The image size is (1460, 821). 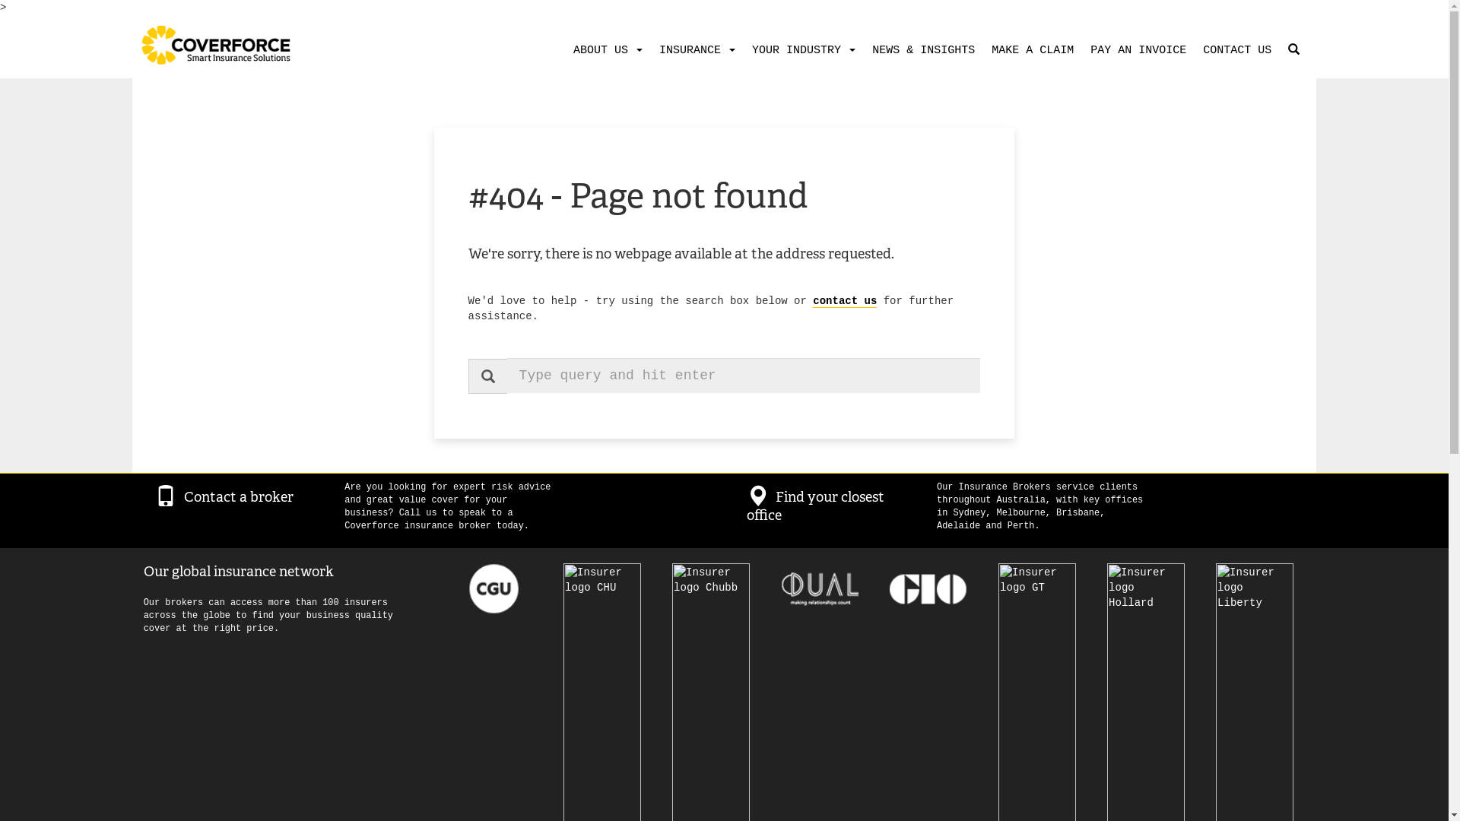 What do you see at coordinates (1233, 49) in the screenshot?
I see `'CONTACT US'` at bounding box center [1233, 49].